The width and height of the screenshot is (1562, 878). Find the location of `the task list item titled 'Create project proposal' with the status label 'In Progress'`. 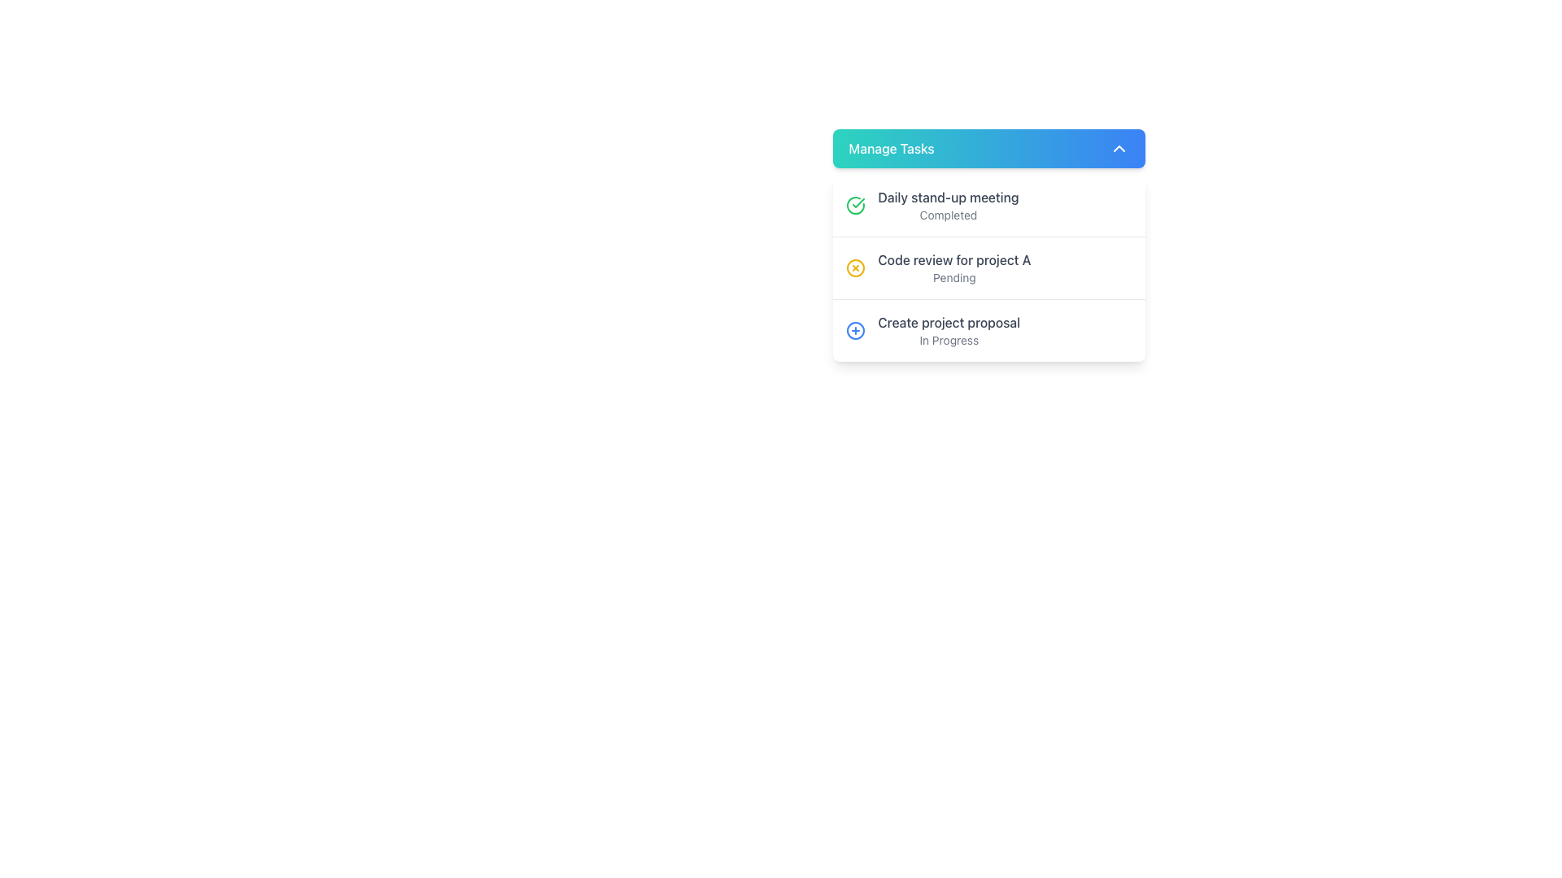

the task list item titled 'Create project proposal' with the status label 'In Progress' is located at coordinates (988, 329).